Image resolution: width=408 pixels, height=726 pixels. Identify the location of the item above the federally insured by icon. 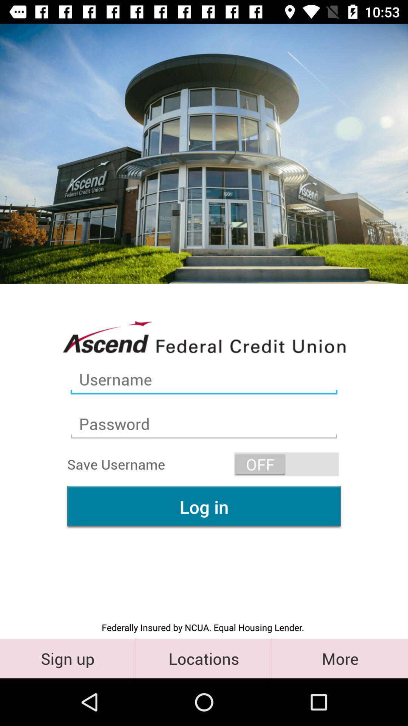
(204, 507).